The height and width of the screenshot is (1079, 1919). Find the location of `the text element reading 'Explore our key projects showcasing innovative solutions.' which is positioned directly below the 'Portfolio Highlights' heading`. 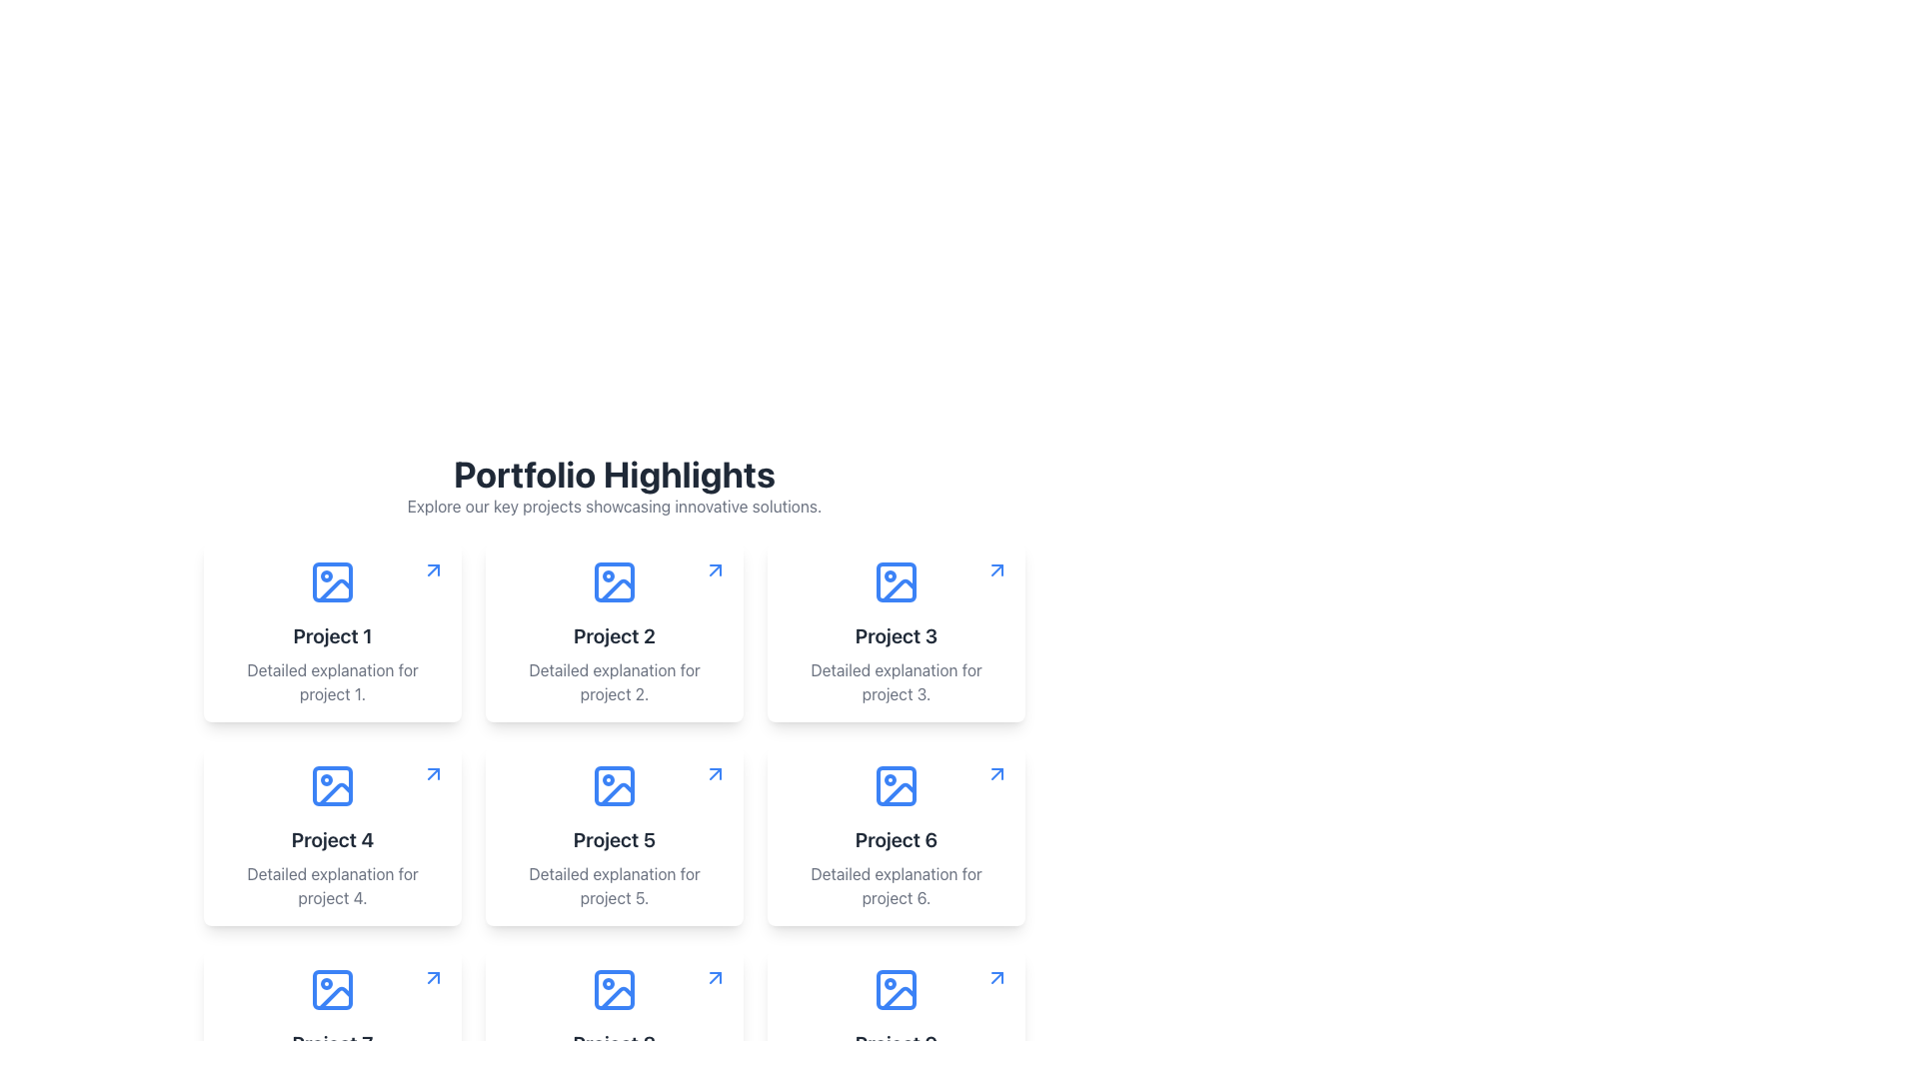

the text element reading 'Explore our key projects showcasing innovative solutions.' which is positioned directly below the 'Portfolio Highlights' heading is located at coordinates (613, 505).